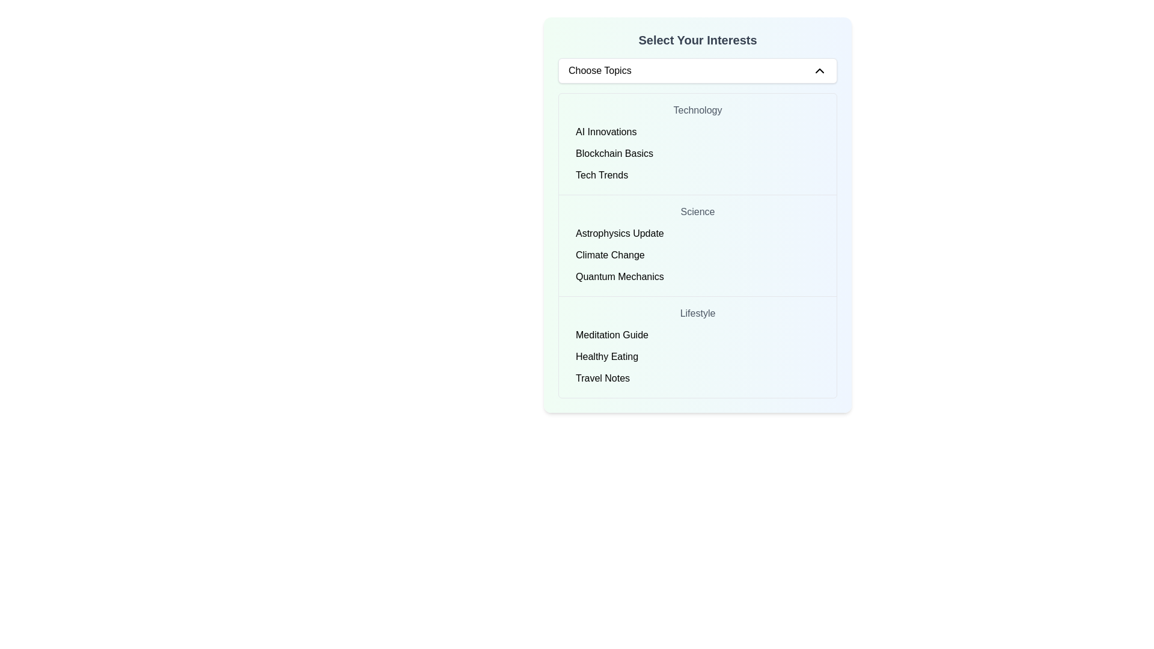  What do you see at coordinates (819, 71) in the screenshot?
I see `the toggle icon on the far right side of the 'Choose Topics' horizontal bar` at bounding box center [819, 71].